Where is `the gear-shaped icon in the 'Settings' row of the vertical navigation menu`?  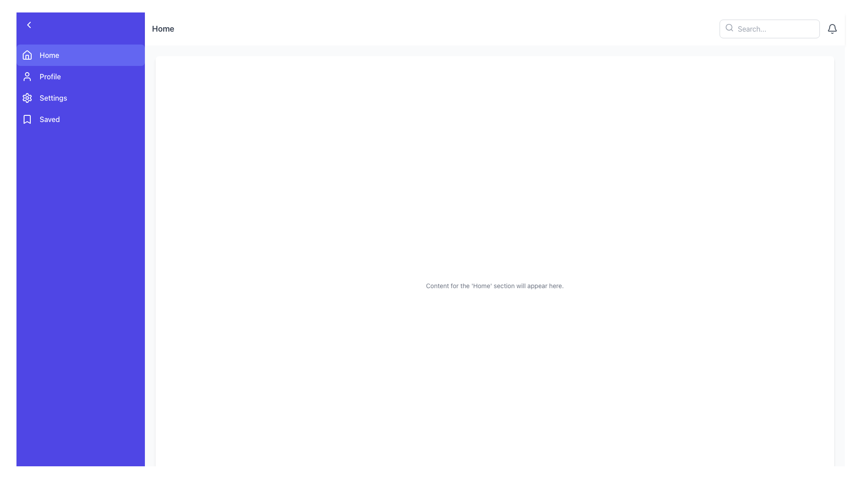 the gear-shaped icon in the 'Settings' row of the vertical navigation menu is located at coordinates (27, 98).